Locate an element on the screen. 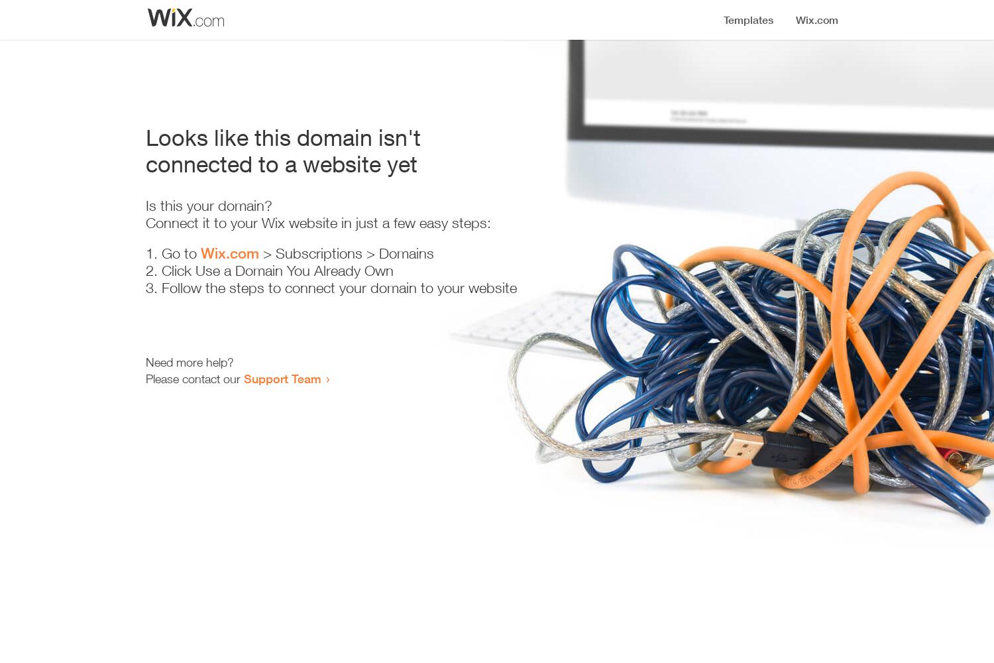 The height and width of the screenshot is (663, 994). 'Is this your domain?' is located at coordinates (208, 206).